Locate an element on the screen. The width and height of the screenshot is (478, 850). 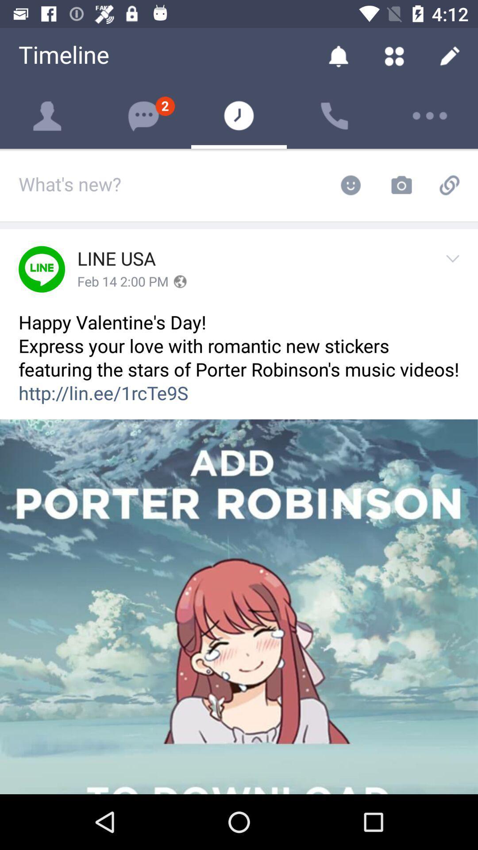
the timer icon next to message icon is located at coordinates (239, 116).